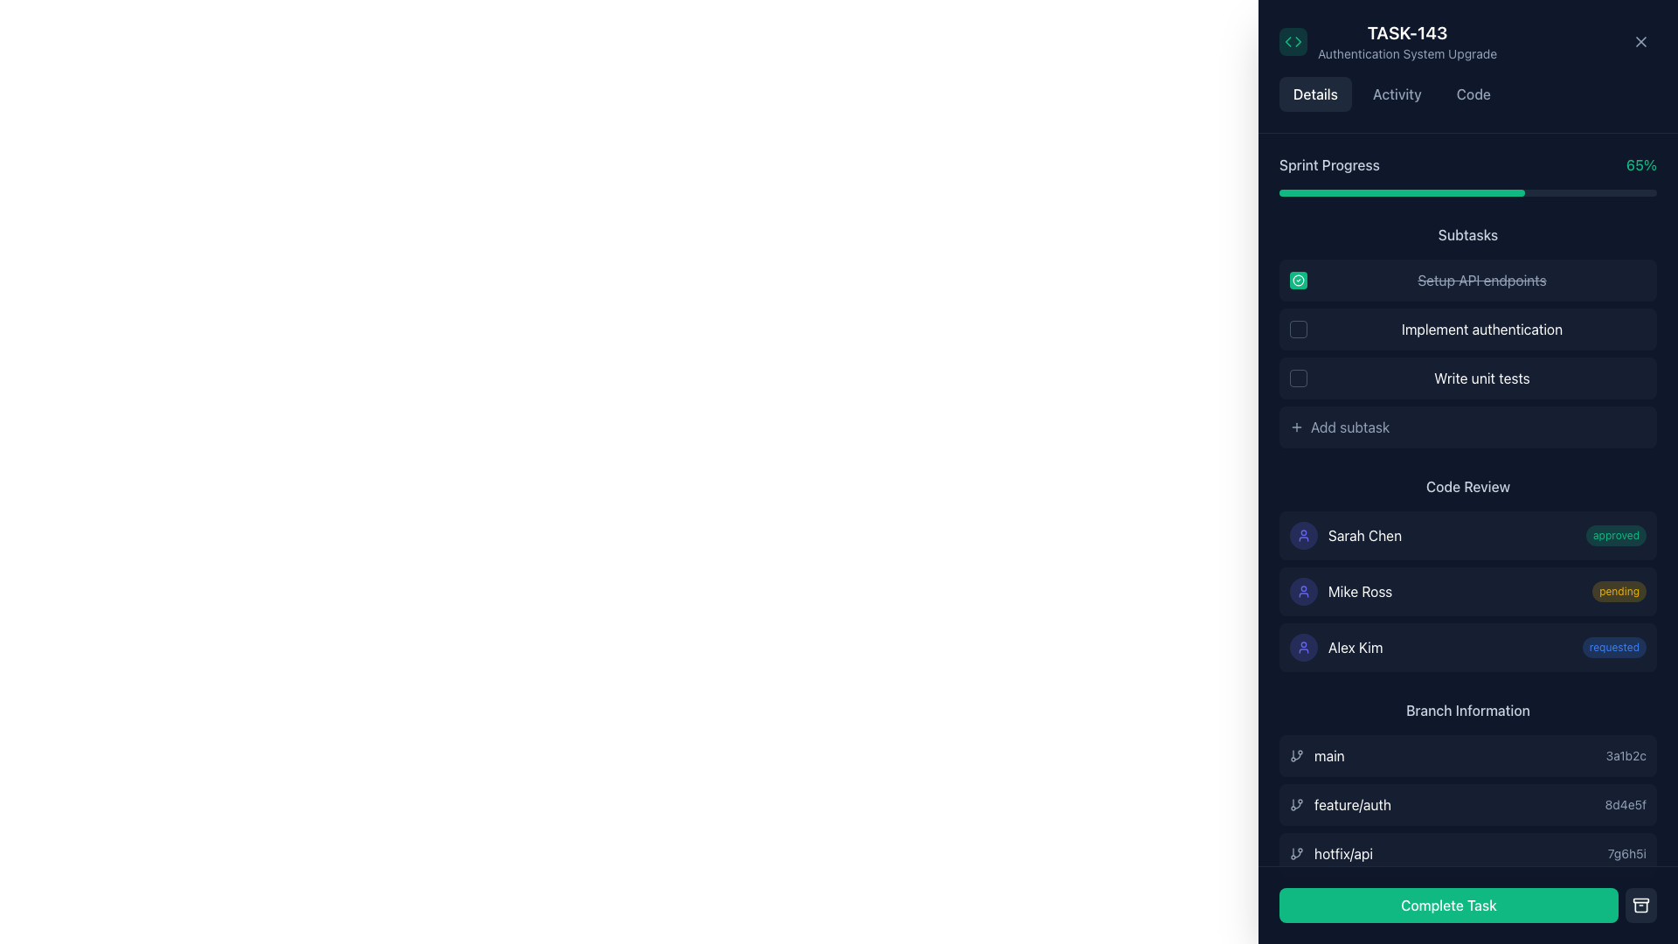 Image resolution: width=1678 pixels, height=944 pixels. I want to click on the card indicating the approved status of the code review associated with Sarah Chen, located in the 'Code Review' section at the top-right of the interface, so click(1468, 535).